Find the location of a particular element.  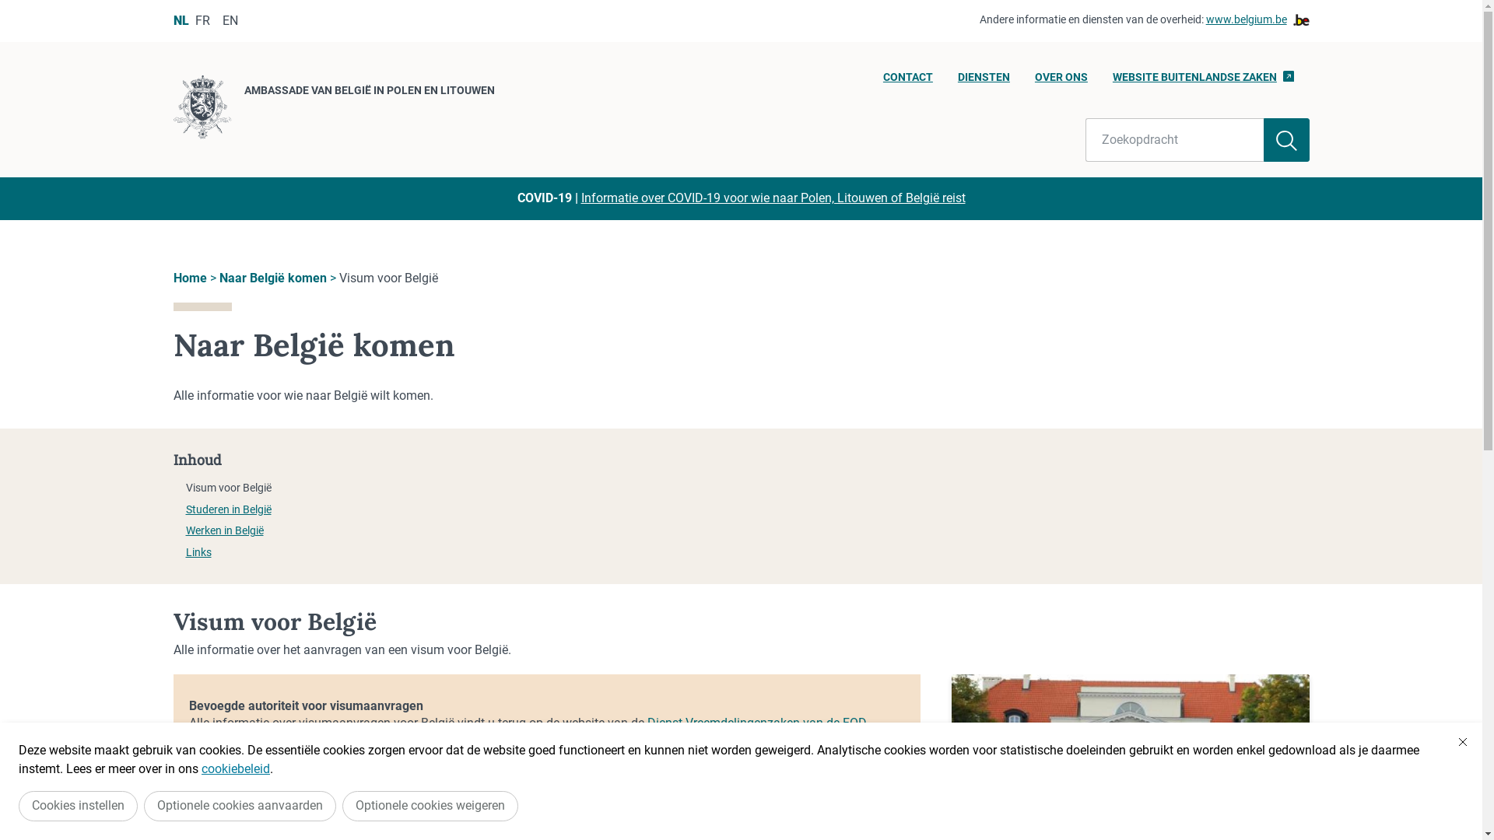

'Optionele cookies weigeren' is located at coordinates (430, 805).